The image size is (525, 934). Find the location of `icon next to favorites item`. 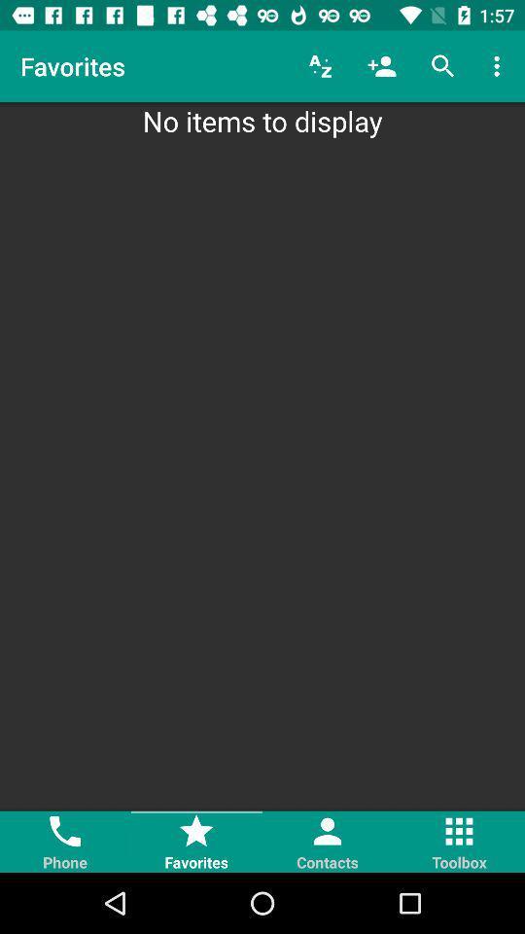

icon next to favorites item is located at coordinates (320, 66).